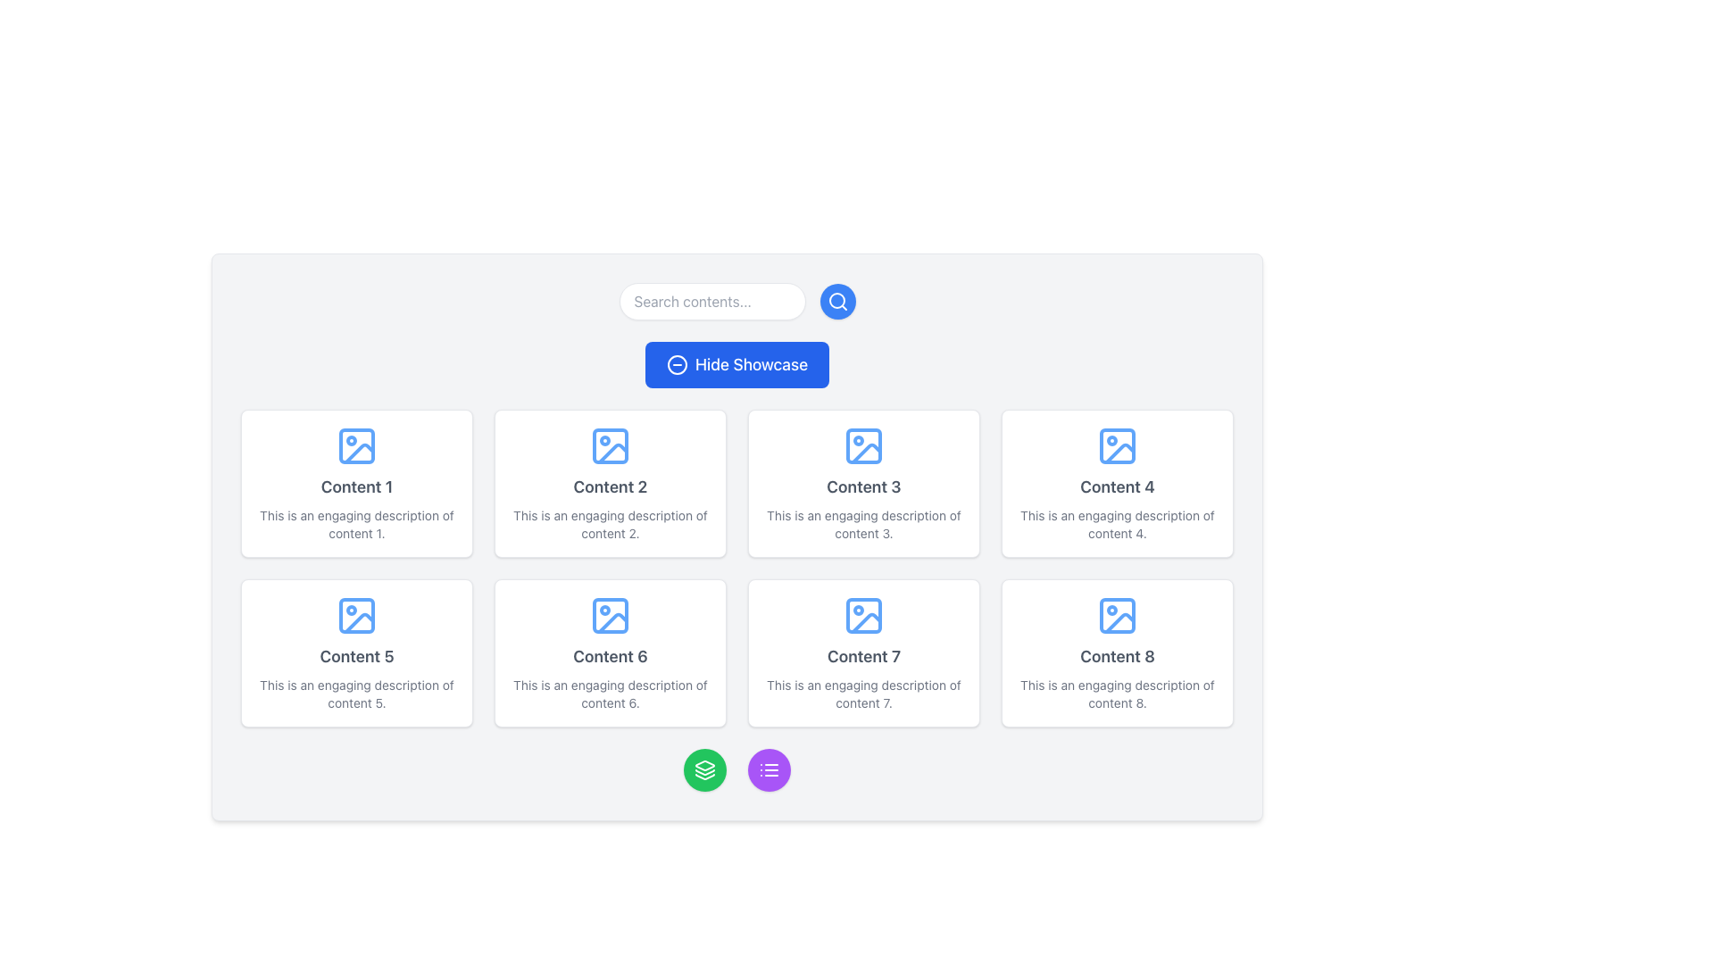 Image resolution: width=1714 pixels, height=964 pixels. Describe the element at coordinates (1117, 615) in the screenshot. I see `the icon located in the bottom-right corner of the 'Content 8' card, which represents content or image-related data` at that location.